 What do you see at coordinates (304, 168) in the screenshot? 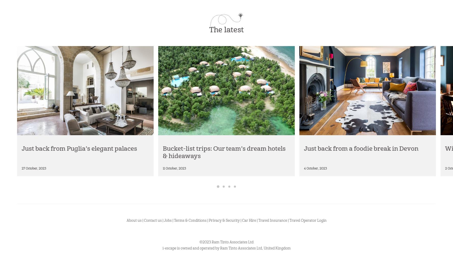
I see `'4 October, 2023'` at bounding box center [304, 168].